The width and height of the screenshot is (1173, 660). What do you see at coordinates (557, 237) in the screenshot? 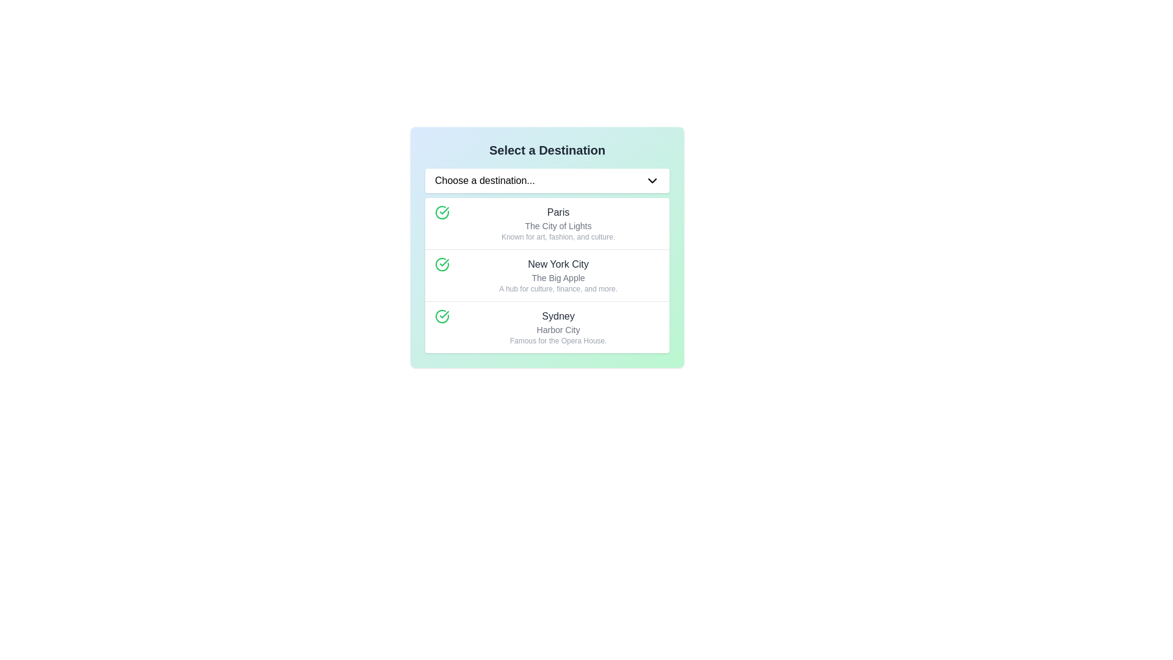
I see `the text label that says 'Known for art, fashion, and culture.' located below the title 'Paris' and the subtitle 'The City of Lights' in the first destination card` at bounding box center [557, 237].